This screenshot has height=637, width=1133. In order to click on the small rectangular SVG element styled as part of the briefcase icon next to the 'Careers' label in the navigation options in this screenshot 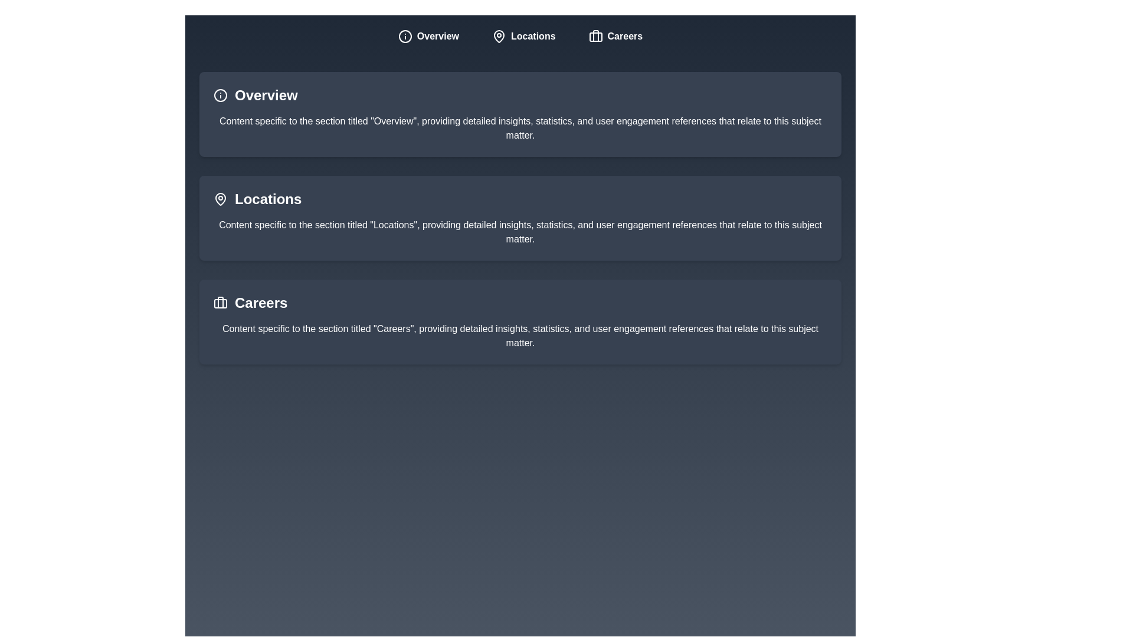, I will do `click(221, 303)`.